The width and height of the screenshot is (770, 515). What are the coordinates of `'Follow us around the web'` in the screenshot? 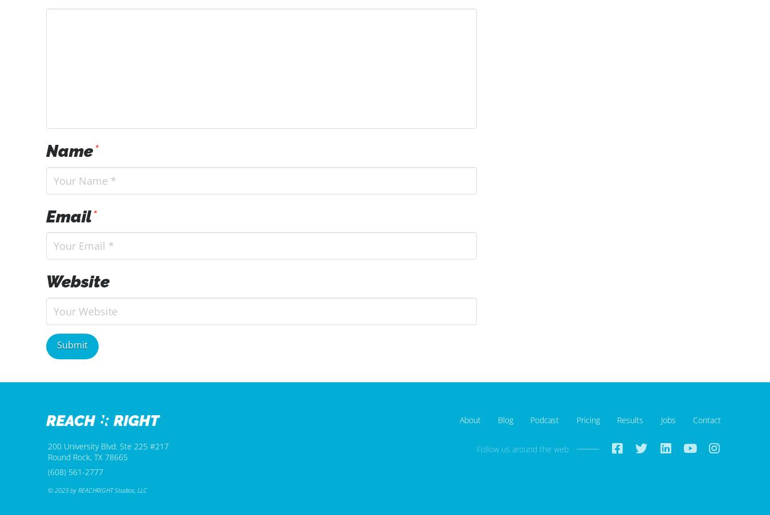 It's located at (522, 448).